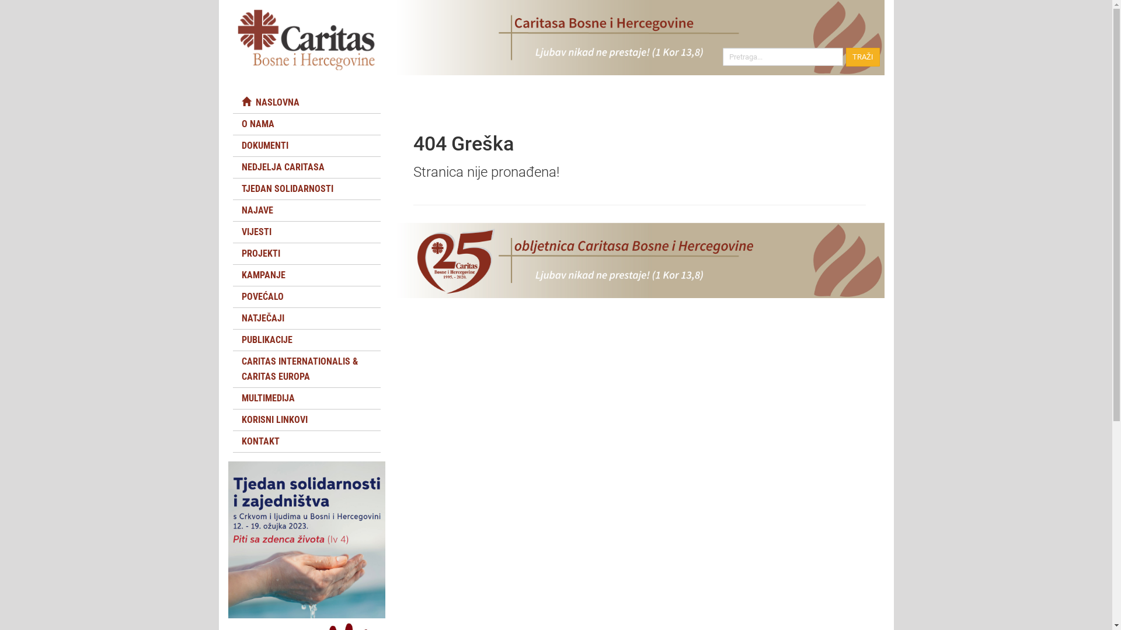  Describe the element at coordinates (306, 369) in the screenshot. I see `'CARITAS INTERNATIONALIS & CARITAS EUROPA'` at that location.